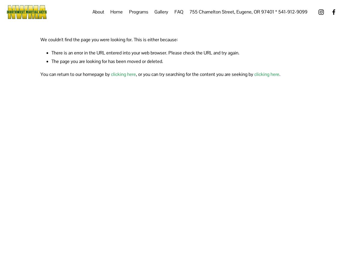  Describe the element at coordinates (248, 12) in the screenshot. I see `'755 Charnelton Street, Eugene, OR 97401 * 541-912-9099'` at that location.